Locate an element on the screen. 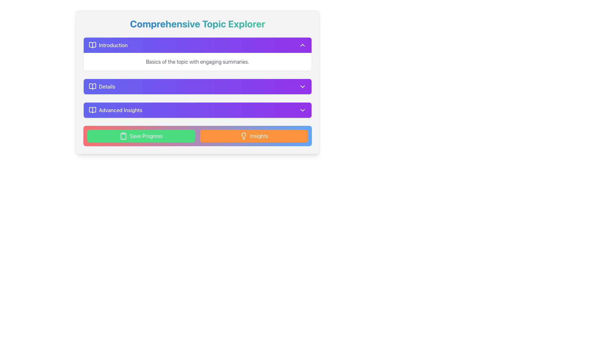 The image size is (611, 344). the open book icon that is positioned to the left of the 'Details' text label in the second row of the vertically stacked list of items is located at coordinates (92, 87).